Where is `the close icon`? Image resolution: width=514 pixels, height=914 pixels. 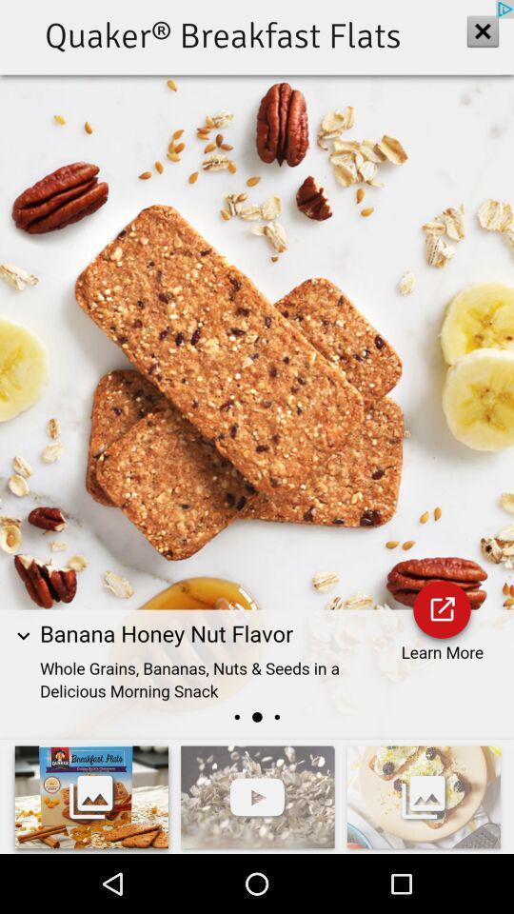 the close icon is located at coordinates (483, 32).